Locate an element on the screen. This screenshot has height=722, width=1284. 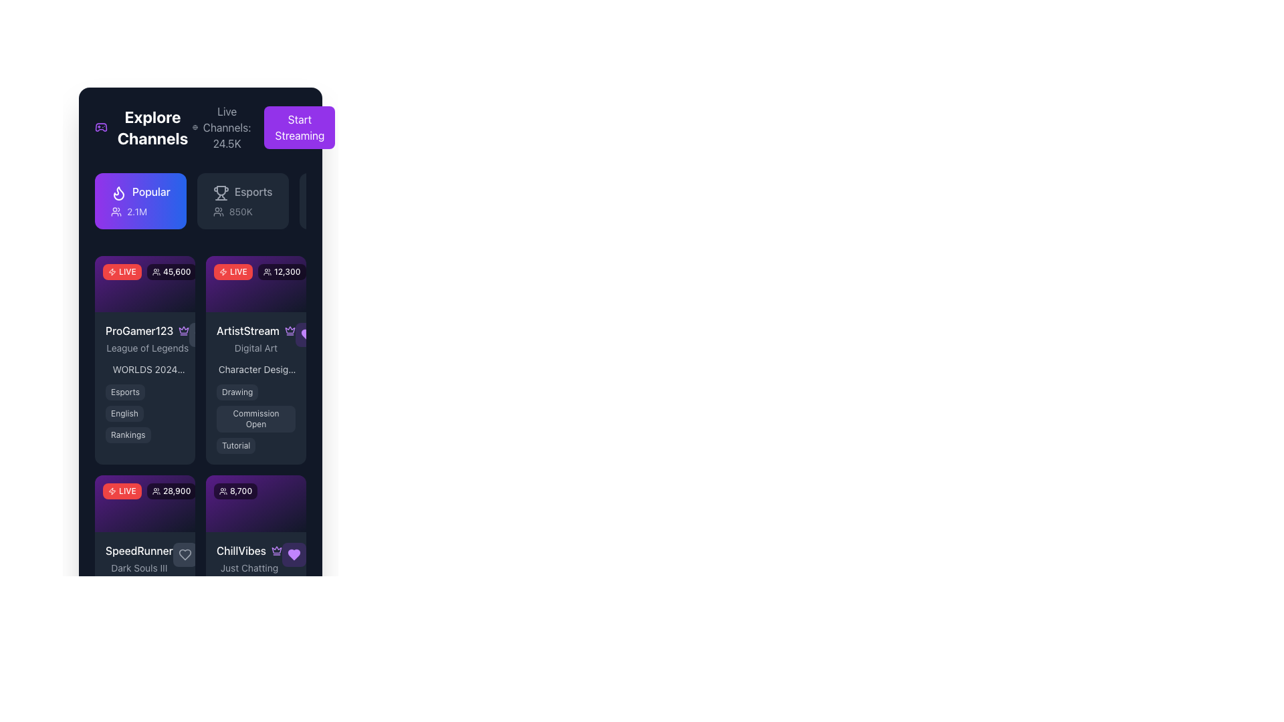
text content of the 'ArtistStream' label, which is styled in white font against a dark background, located below the viewer count header is located at coordinates (256, 331).